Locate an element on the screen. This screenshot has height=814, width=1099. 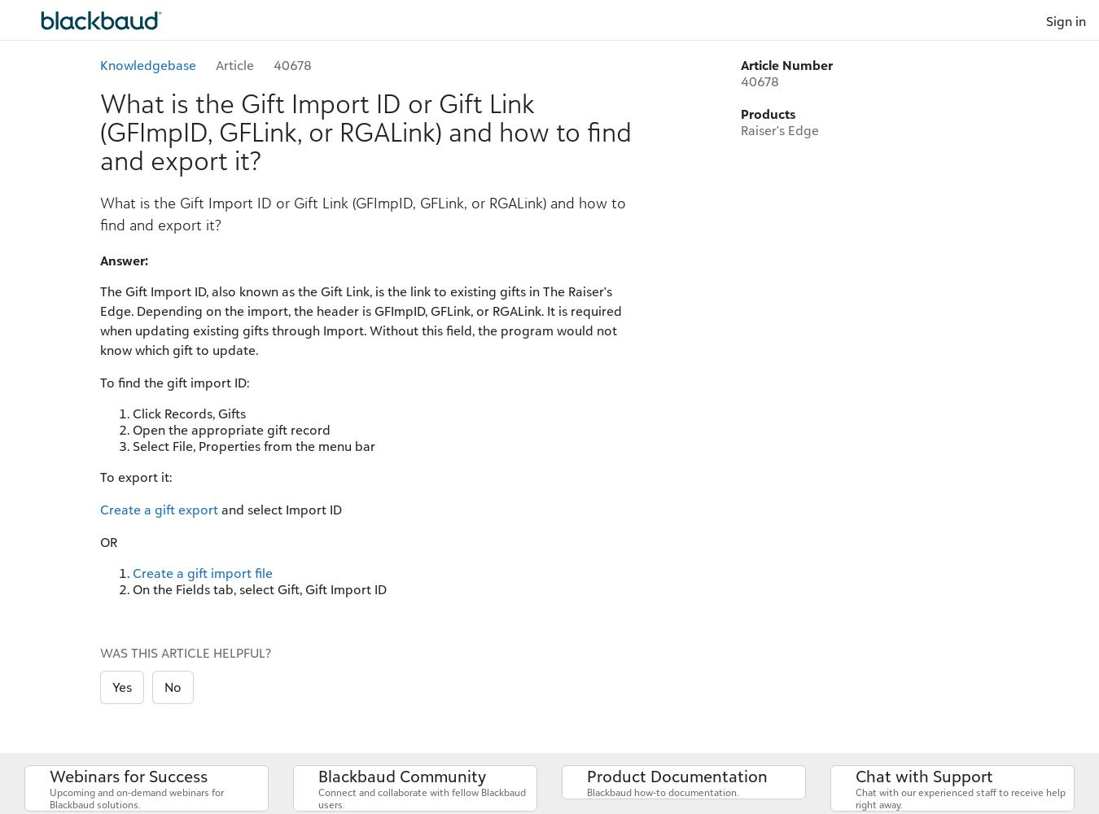
'The Gift Import ID, also known as the Gift Link, is the link to existing gifts in The Raiser's Edge. Depending on the import, the header is GFImpID, GFLink, or RGALink. It is required when updating existing gifts through Import. Without this field, the program would not know which gift to update.' is located at coordinates (360, 320).